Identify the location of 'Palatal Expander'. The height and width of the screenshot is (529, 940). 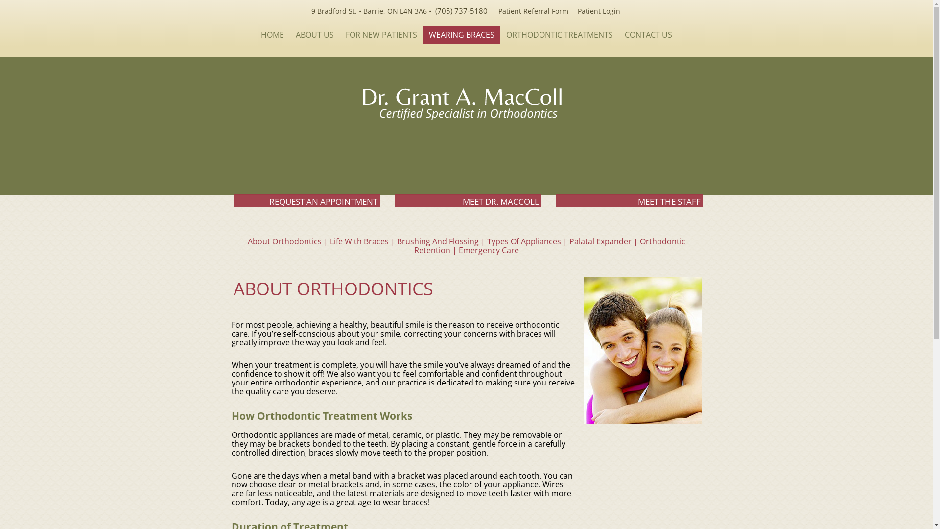
(568, 241).